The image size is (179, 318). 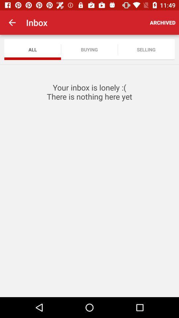 I want to click on item above all, so click(x=12, y=23).